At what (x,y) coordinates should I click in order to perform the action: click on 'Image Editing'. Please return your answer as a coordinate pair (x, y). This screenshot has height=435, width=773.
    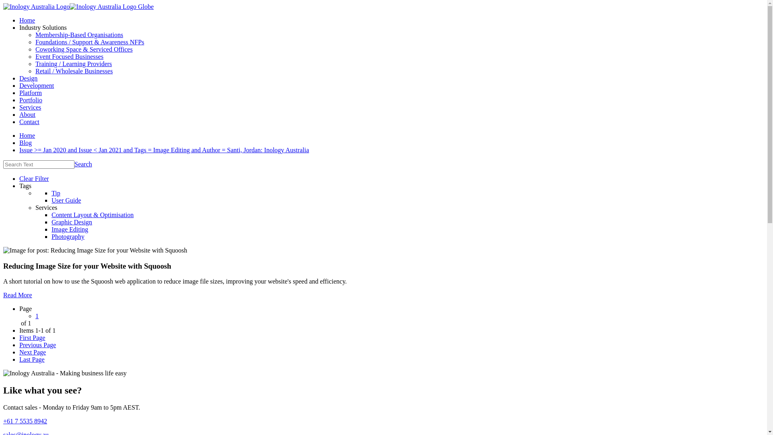
    Looking at the image, I should click on (70, 229).